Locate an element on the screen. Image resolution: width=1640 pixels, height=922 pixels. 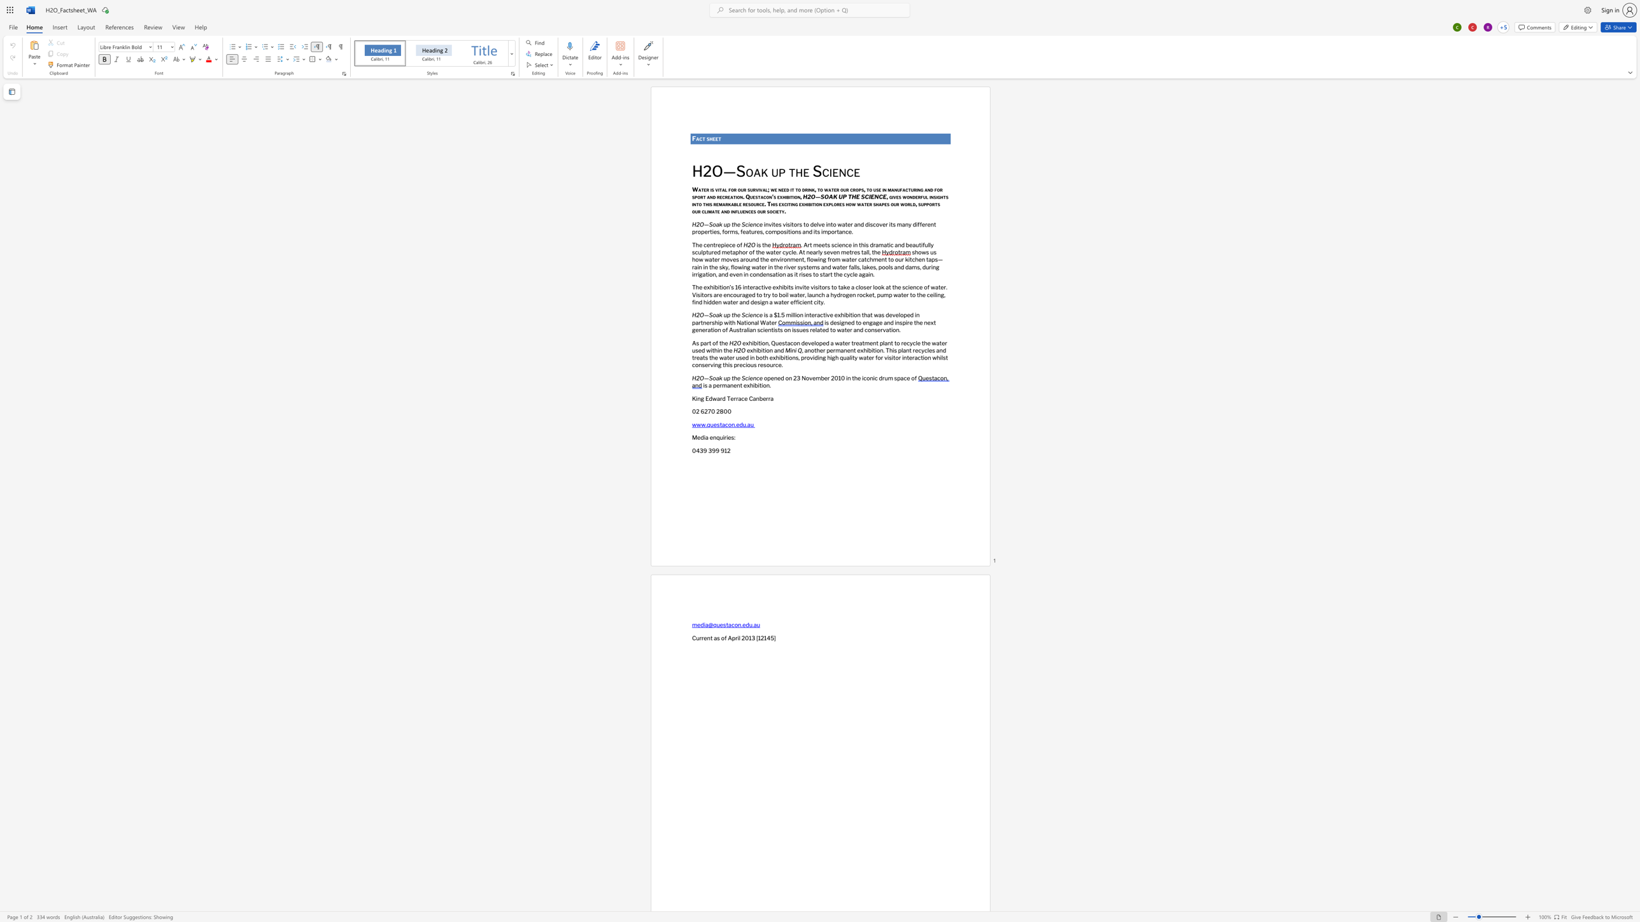
the 2th character "c" in the text is located at coordinates (774, 211).